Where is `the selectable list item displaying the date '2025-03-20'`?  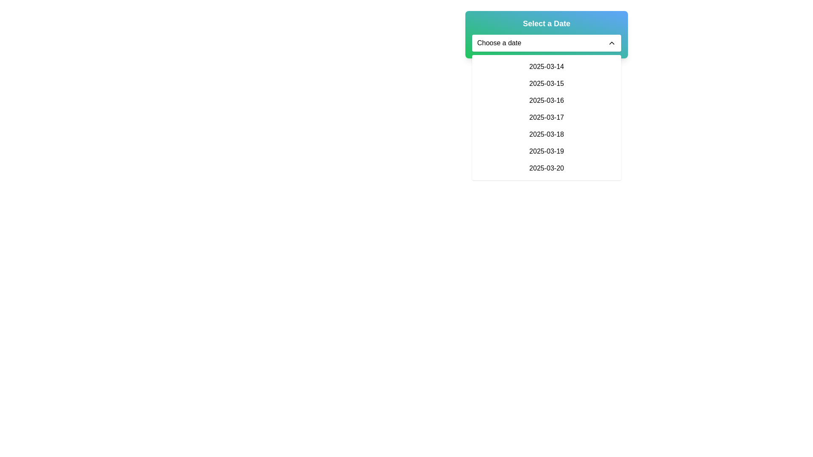 the selectable list item displaying the date '2025-03-20' is located at coordinates (547, 168).